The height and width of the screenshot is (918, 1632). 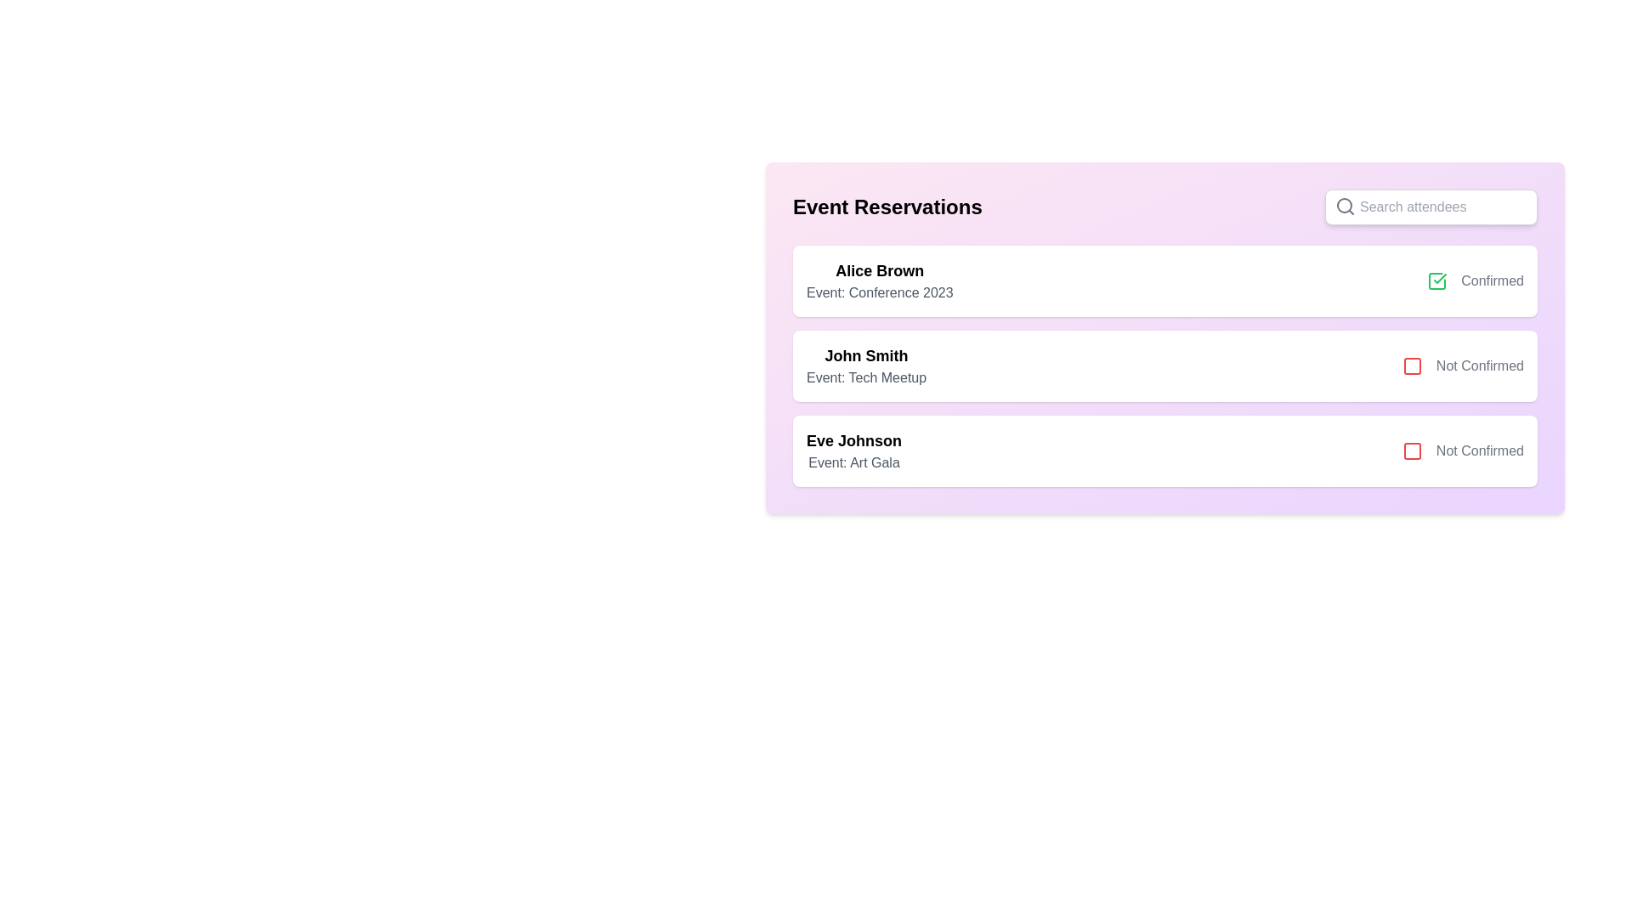 I want to click on text content of the informational display component showing 'Alice Brown' and 'Event: Conference 2023', which is the first content block in the card layout, so click(x=880, y=280).